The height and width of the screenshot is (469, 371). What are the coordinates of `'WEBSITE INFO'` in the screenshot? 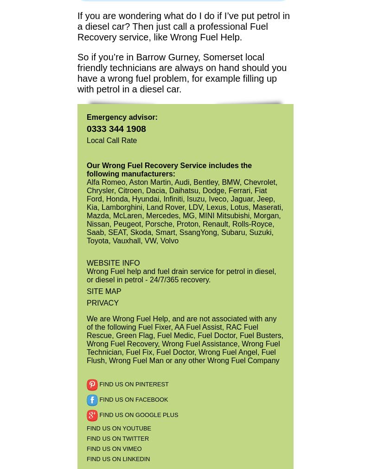 It's located at (113, 262).